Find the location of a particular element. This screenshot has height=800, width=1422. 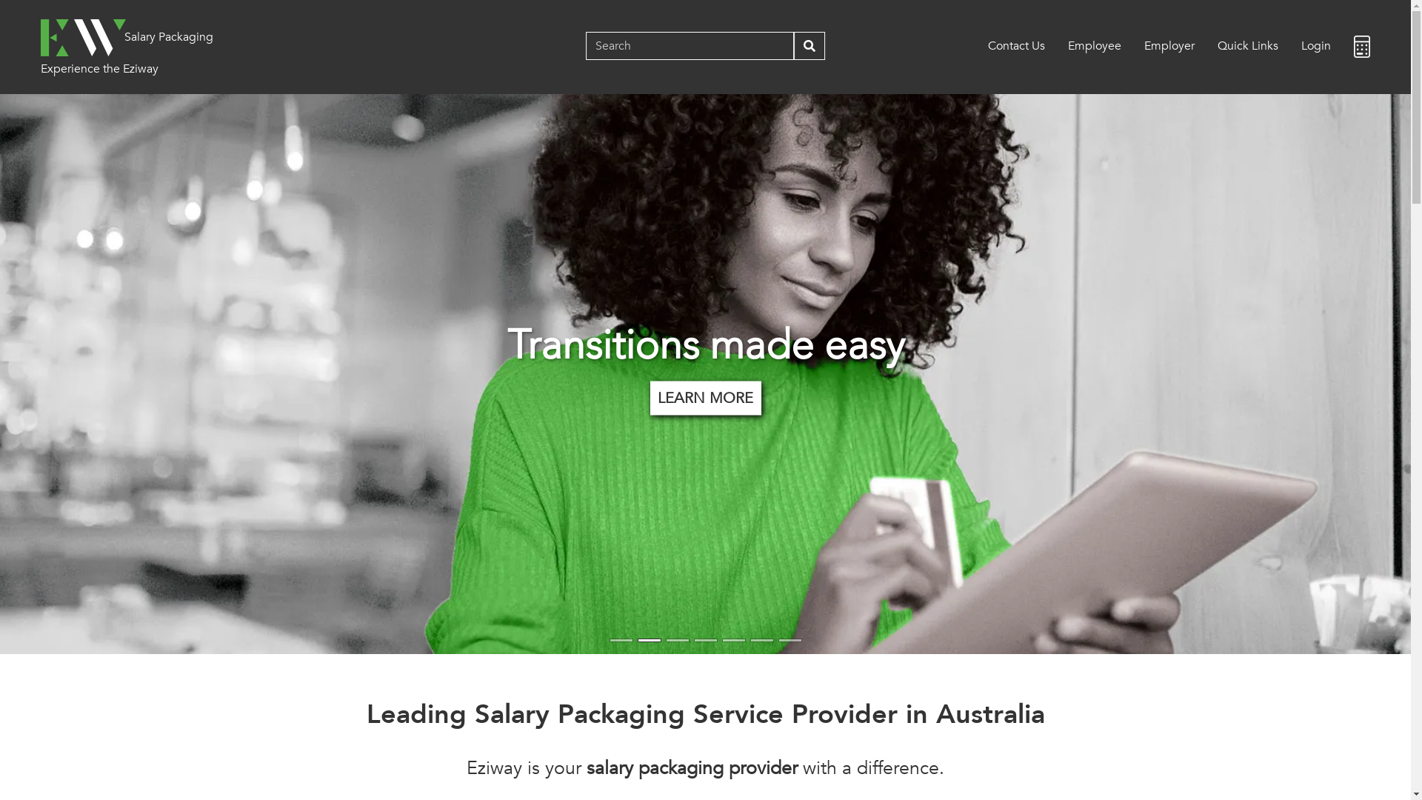

'Experience the Eziway' is located at coordinates (99, 56).